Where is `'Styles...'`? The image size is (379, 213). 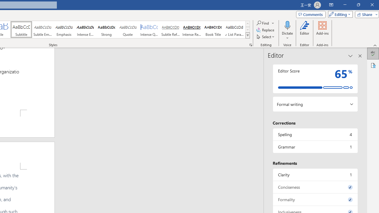 'Styles...' is located at coordinates (250, 44).